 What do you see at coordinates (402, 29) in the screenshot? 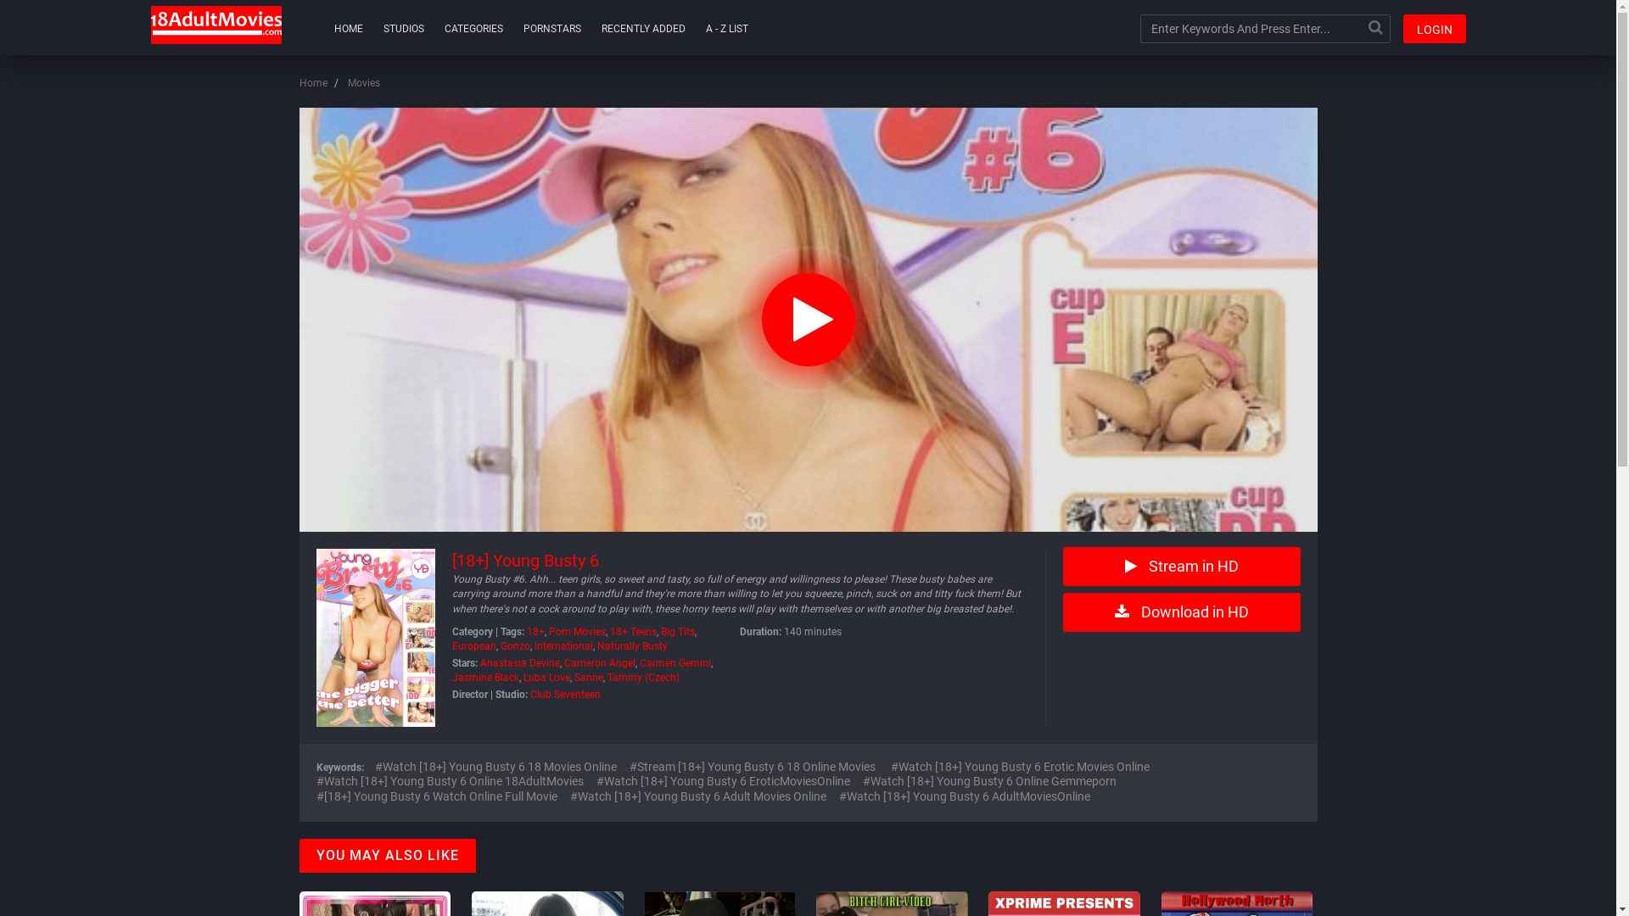
I see `'STUDIOS'` at bounding box center [402, 29].